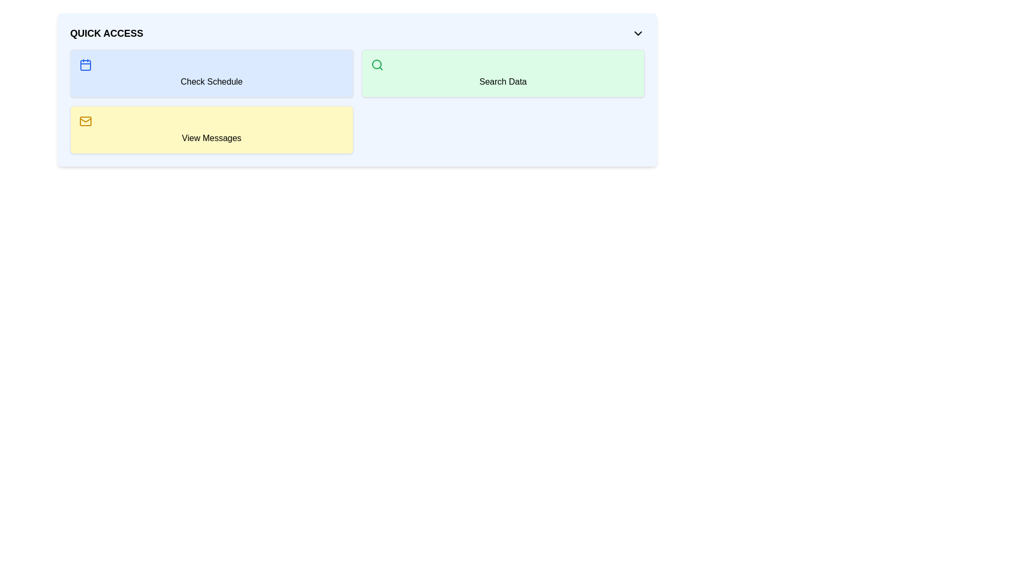  I want to click on the 'Search Data' button with a light green background, so click(502, 73).